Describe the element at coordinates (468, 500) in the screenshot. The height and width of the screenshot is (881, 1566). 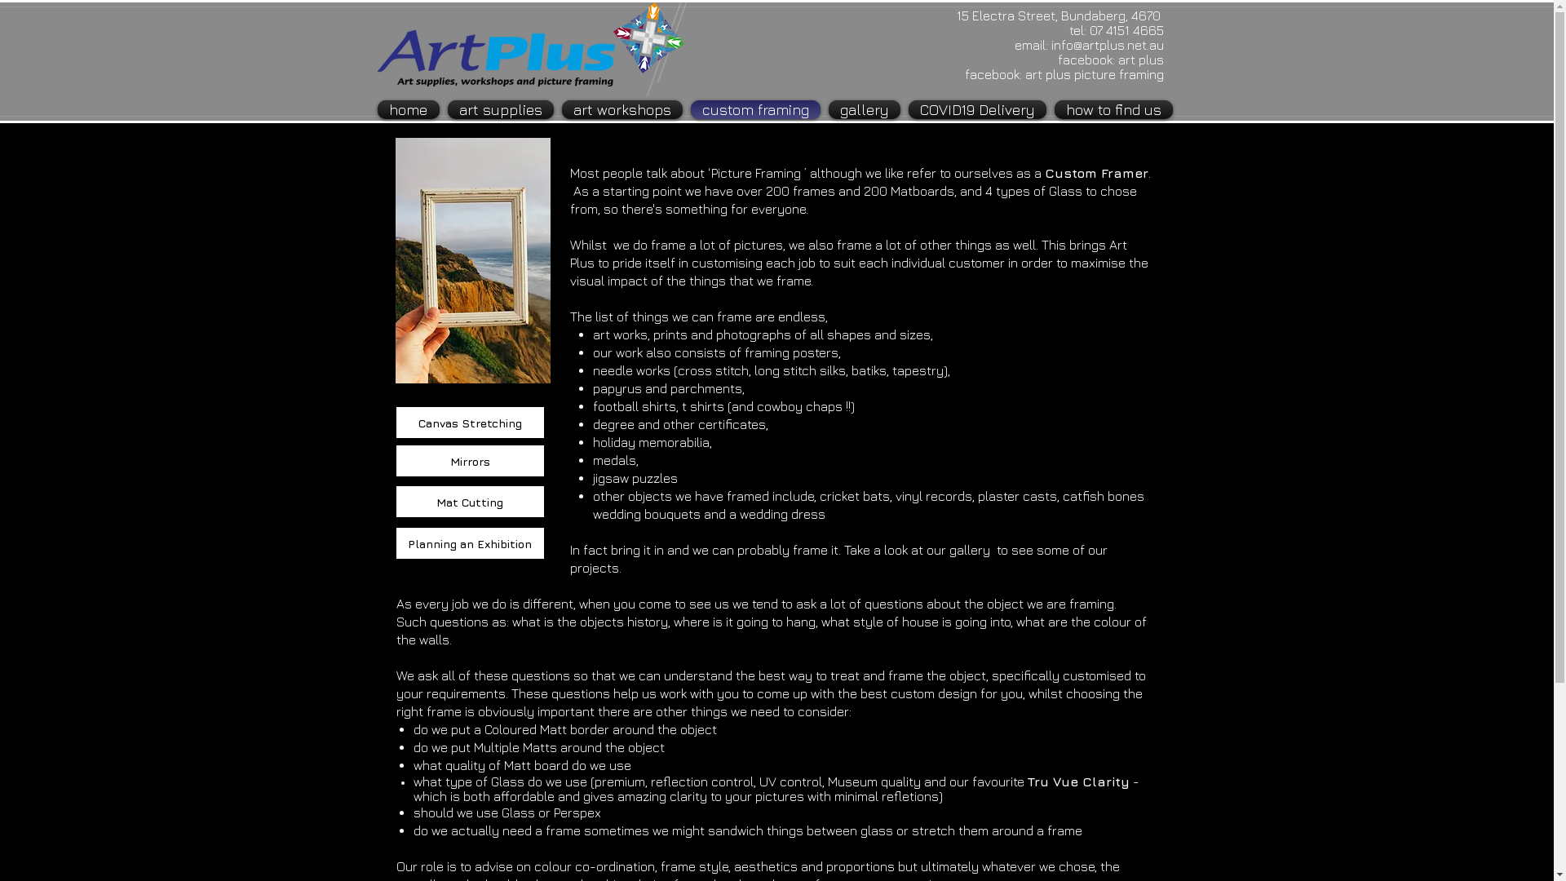
I see `'Mat Cutting'` at that location.